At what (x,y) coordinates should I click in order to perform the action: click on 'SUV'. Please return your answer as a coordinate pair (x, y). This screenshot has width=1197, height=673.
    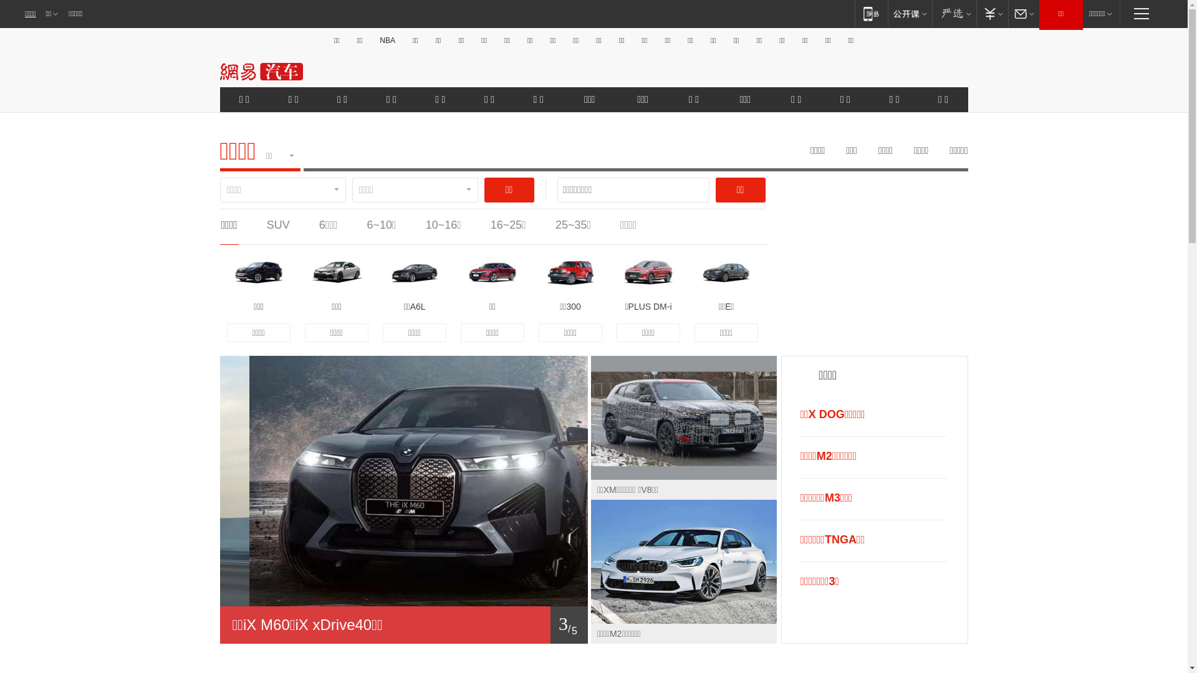
    Looking at the image, I should click on (266, 225).